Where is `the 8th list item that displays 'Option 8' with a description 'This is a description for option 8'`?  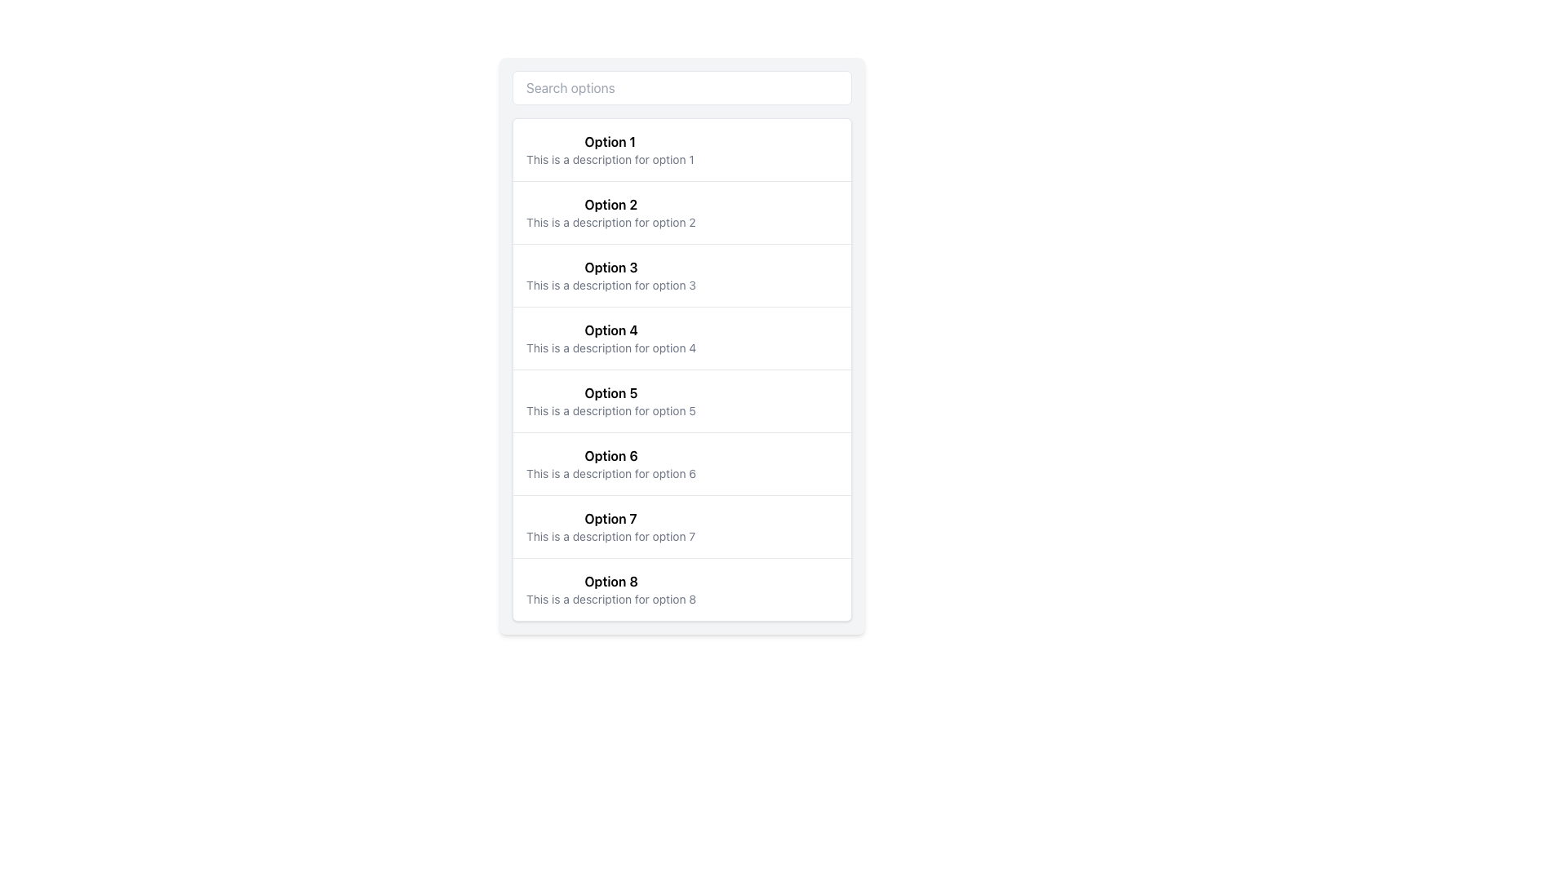
the 8th list item that displays 'Option 8' with a description 'This is a description for option 8' is located at coordinates (610, 589).